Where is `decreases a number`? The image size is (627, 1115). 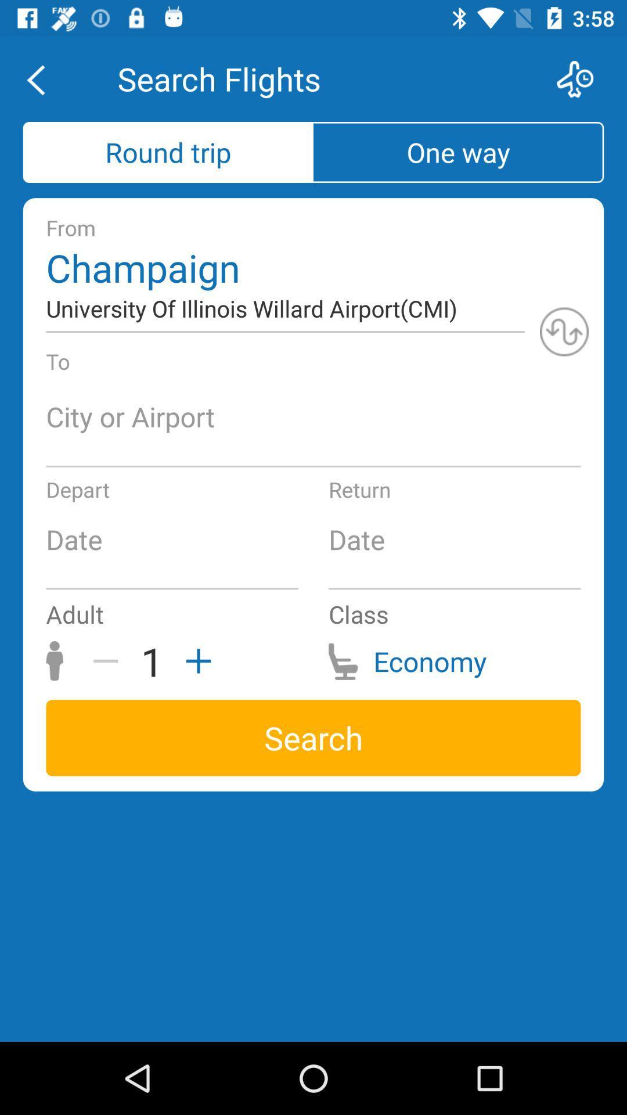
decreases a number is located at coordinates (110, 661).